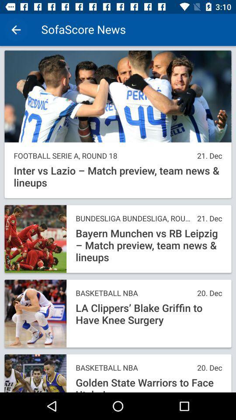 The height and width of the screenshot is (420, 236). Describe the element at coordinates (134, 218) in the screenshot. I see `the bundesliga bundesliga round` at that location.